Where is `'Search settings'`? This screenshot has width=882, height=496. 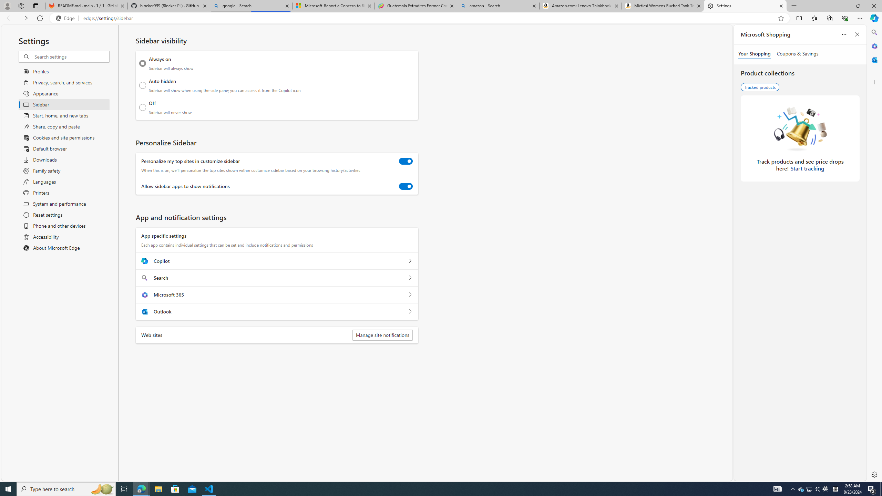 'Search settings' is located at coordinates (71, 56).